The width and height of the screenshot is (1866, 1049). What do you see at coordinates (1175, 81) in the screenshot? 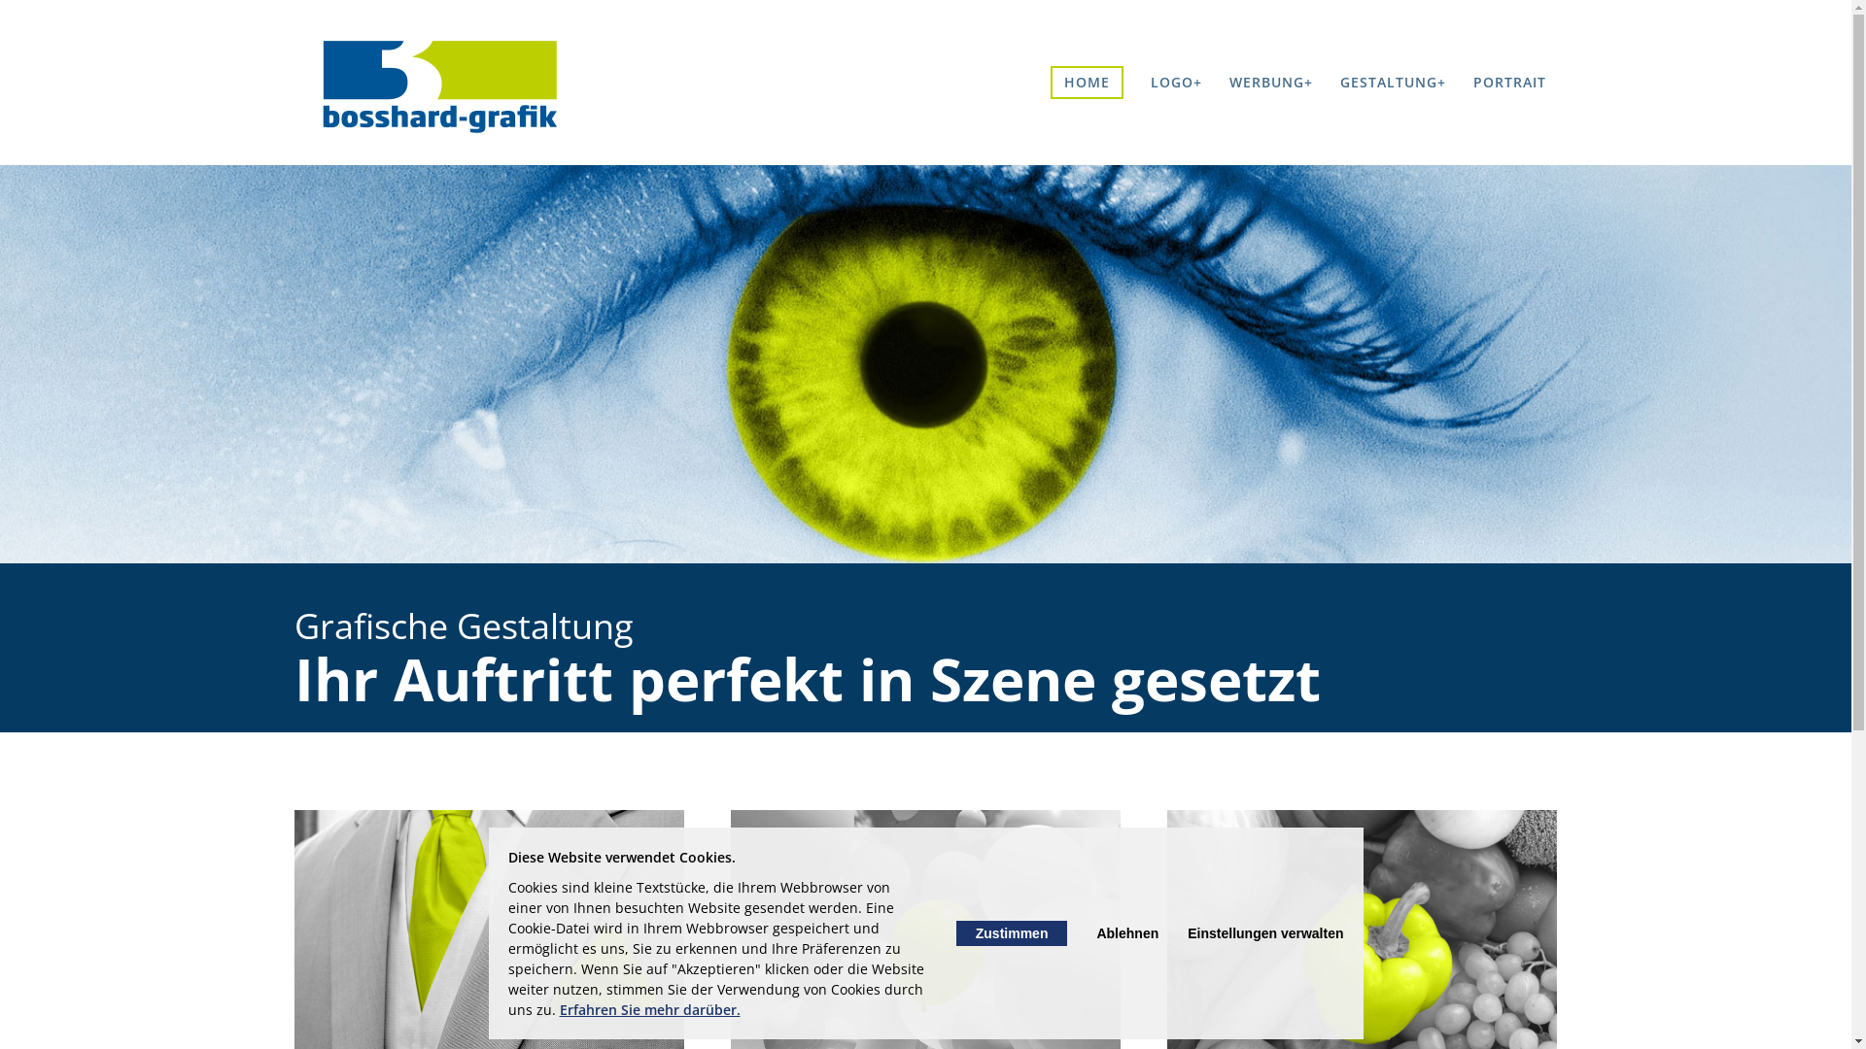
I see `'LOGO+'` at bounding box center [1175, 81].